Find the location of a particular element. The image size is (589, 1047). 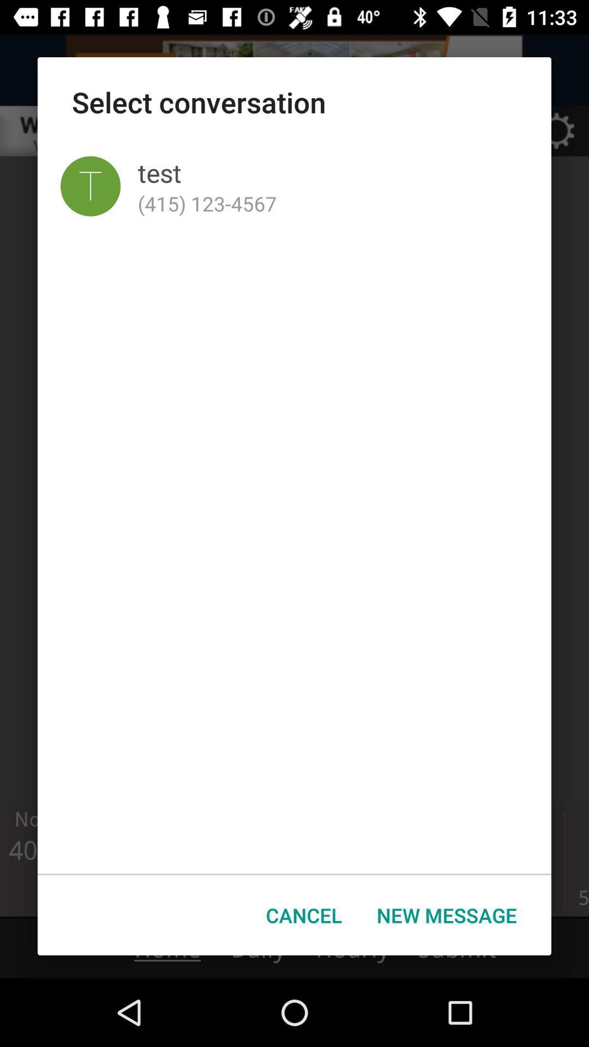

button next to the new message is located at coordinates (304, 915).